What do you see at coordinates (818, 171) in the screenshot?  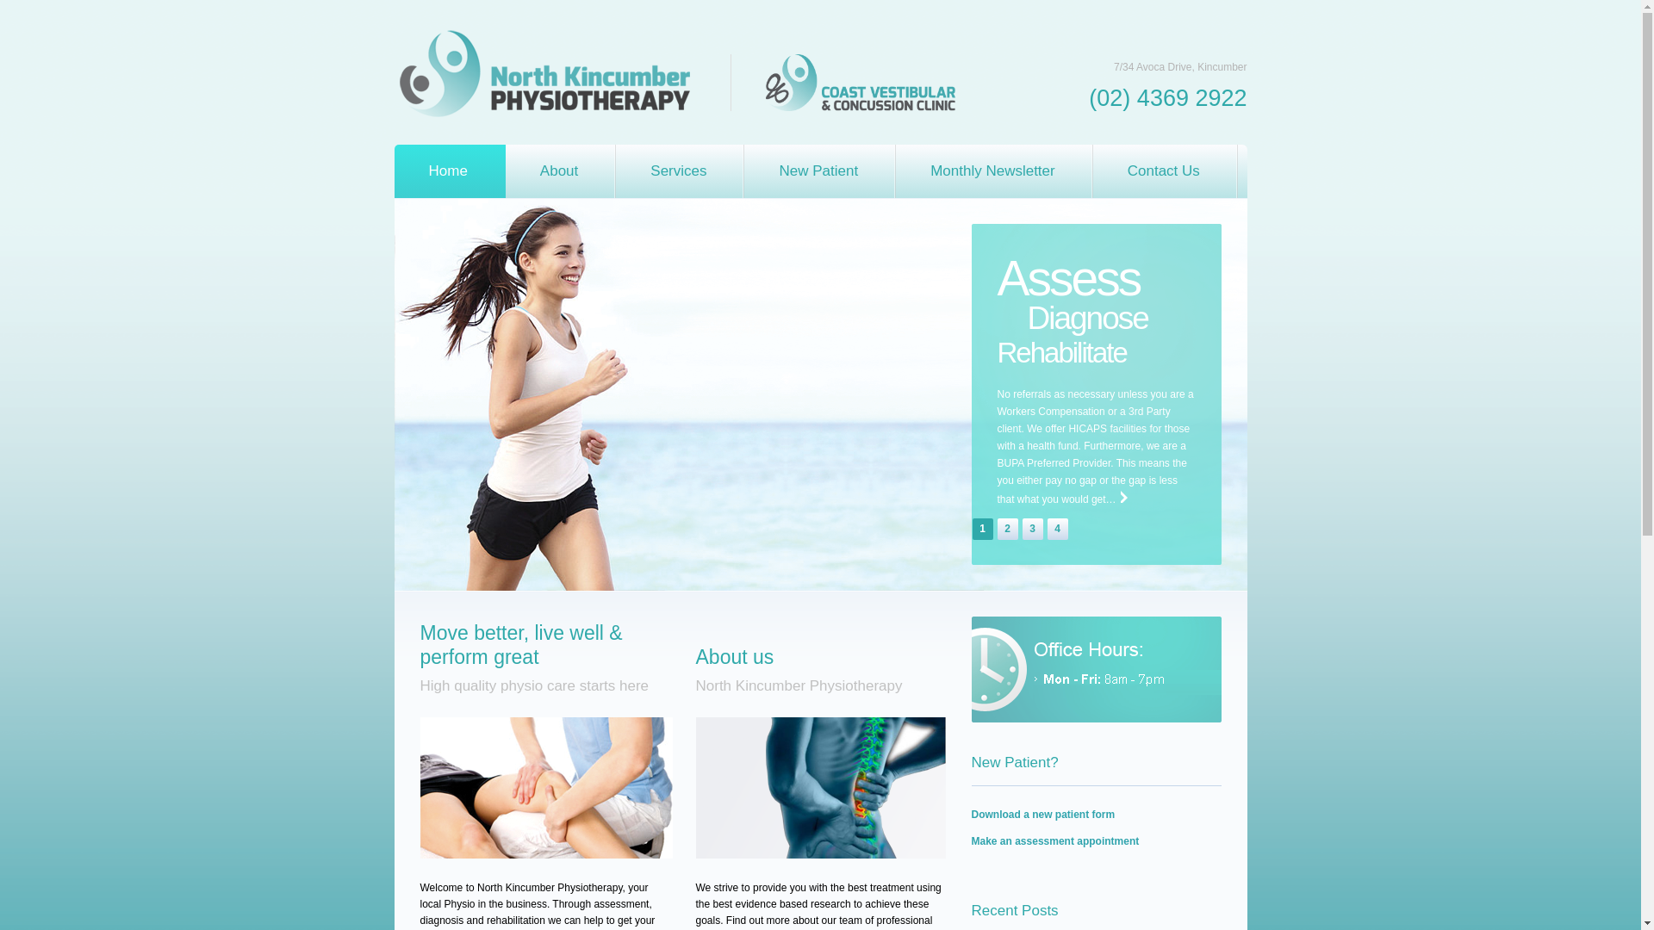 I see `'New Patient'` at bounding box center [818, 171].